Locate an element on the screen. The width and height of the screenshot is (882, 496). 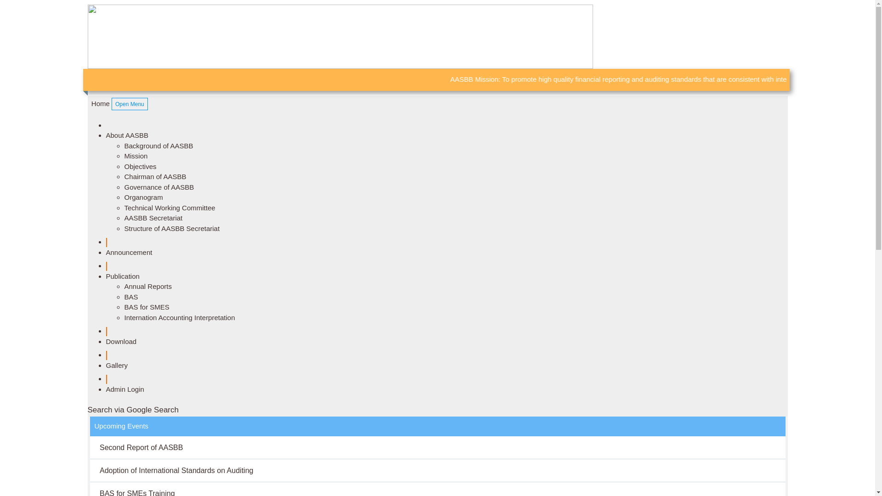
'BAS' is located at coordinates (130, 297).